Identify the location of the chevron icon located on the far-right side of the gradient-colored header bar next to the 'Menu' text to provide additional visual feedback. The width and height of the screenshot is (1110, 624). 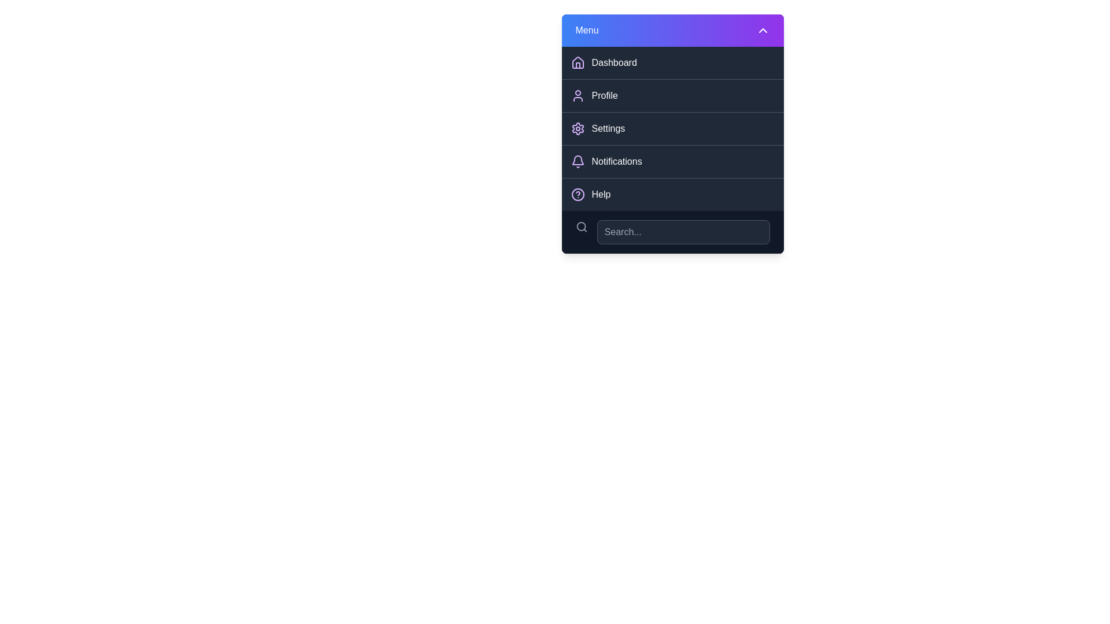
(763, 30).